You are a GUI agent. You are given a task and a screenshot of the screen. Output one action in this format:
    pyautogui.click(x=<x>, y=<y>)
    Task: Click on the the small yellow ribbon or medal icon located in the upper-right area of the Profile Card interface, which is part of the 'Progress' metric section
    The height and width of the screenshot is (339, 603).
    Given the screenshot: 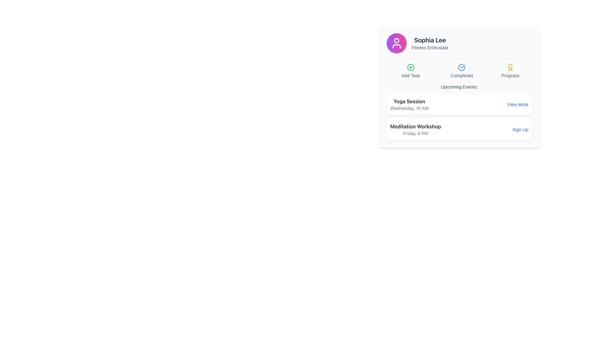 What is the action you would take?
    pyautogui.click(x=510, y=69)
    